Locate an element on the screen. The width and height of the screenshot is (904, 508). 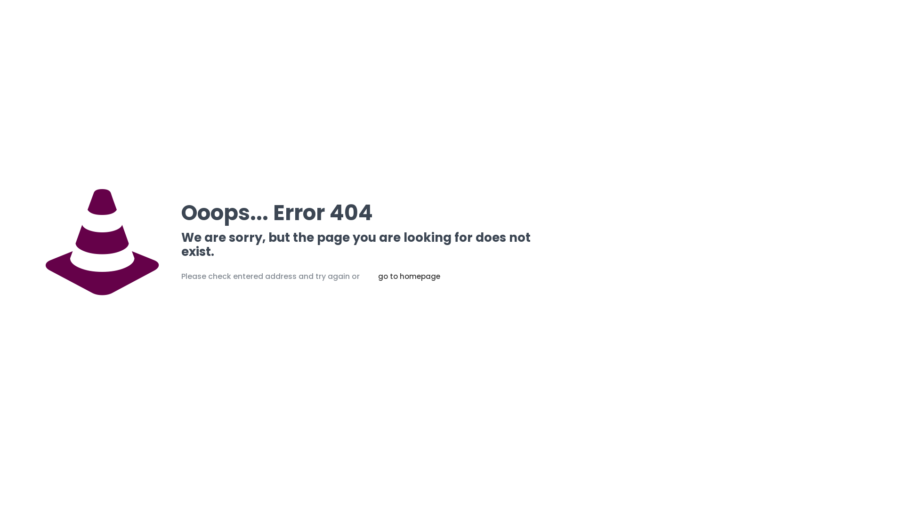
'go to homepage' is located at coordinates (409, 276).